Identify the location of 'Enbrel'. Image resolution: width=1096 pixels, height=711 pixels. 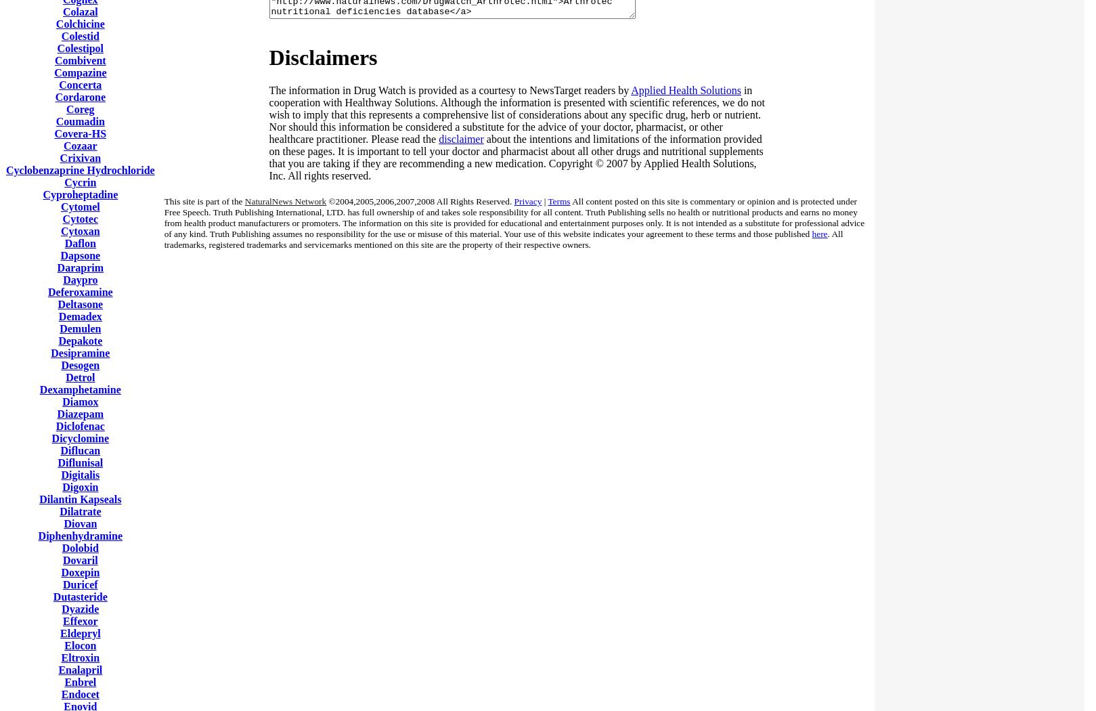
(64, 682).